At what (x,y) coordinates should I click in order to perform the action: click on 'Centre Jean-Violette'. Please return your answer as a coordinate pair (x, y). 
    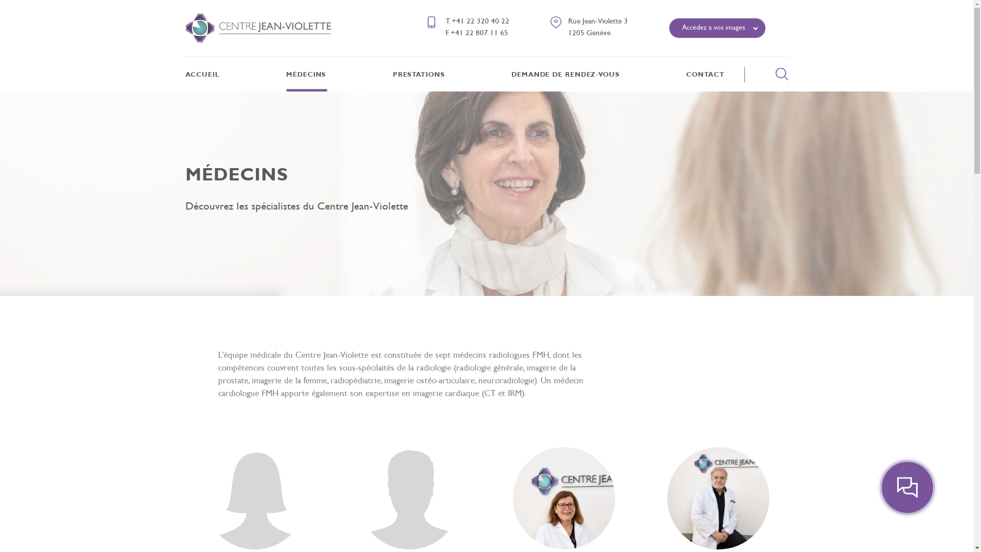
    Looking at the image, I should click on (258, 27).